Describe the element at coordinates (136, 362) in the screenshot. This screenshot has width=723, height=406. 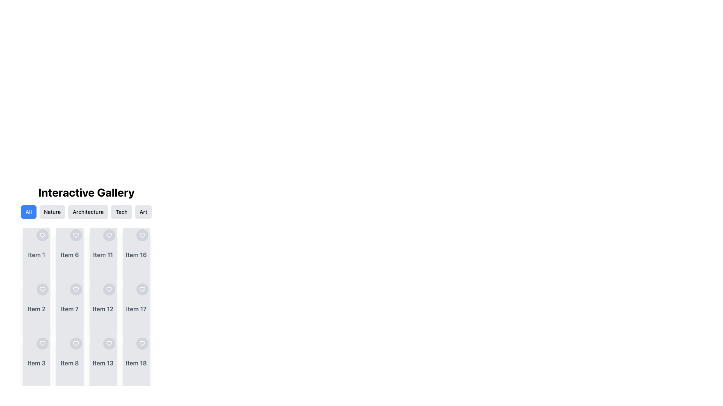
I see `the Interactive Card element that has a light gray background, rounded corners, and features the text 'Item 18' at the lower part, located in the 4th column and 5th row of the grid layout` at that location.